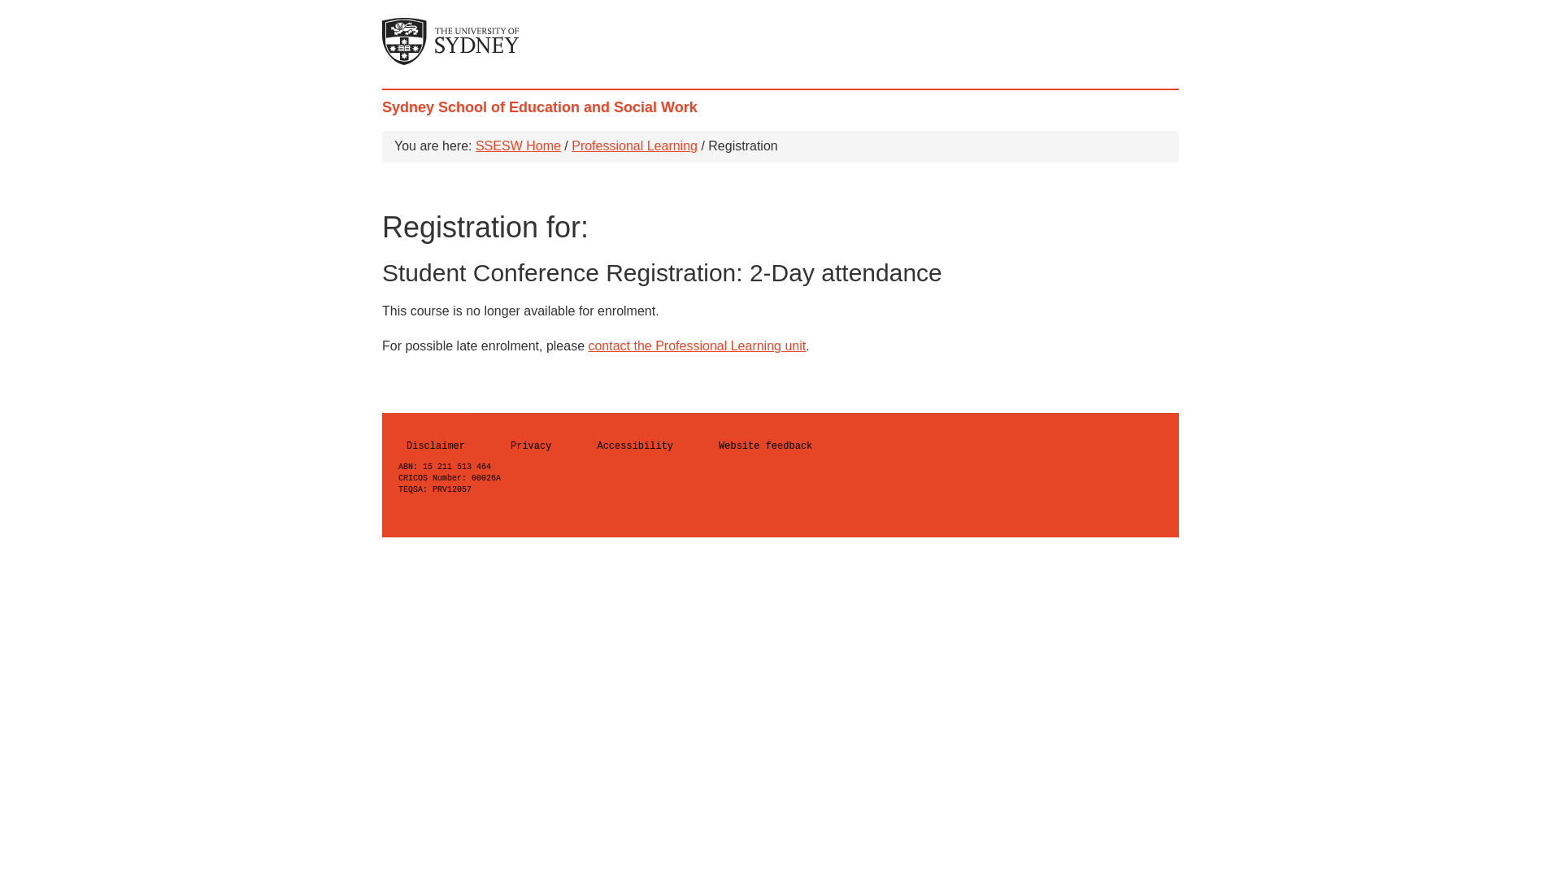 The width and height of the screenshot is (1561, 878). I want to click on 'Professional Learning', so click(633, 145).